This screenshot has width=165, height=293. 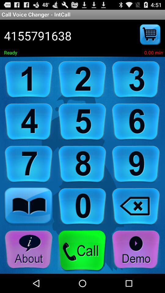 I want to click on number 3, so click(x=136, y=79).